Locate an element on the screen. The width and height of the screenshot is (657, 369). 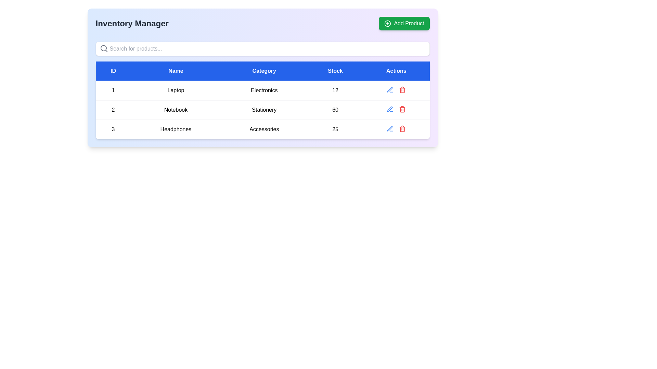
the static text element displaying '3' in the 'ID' column of the table, which is located in the third row next to the product name 'Headphones' is located at coordinates (113, 129).